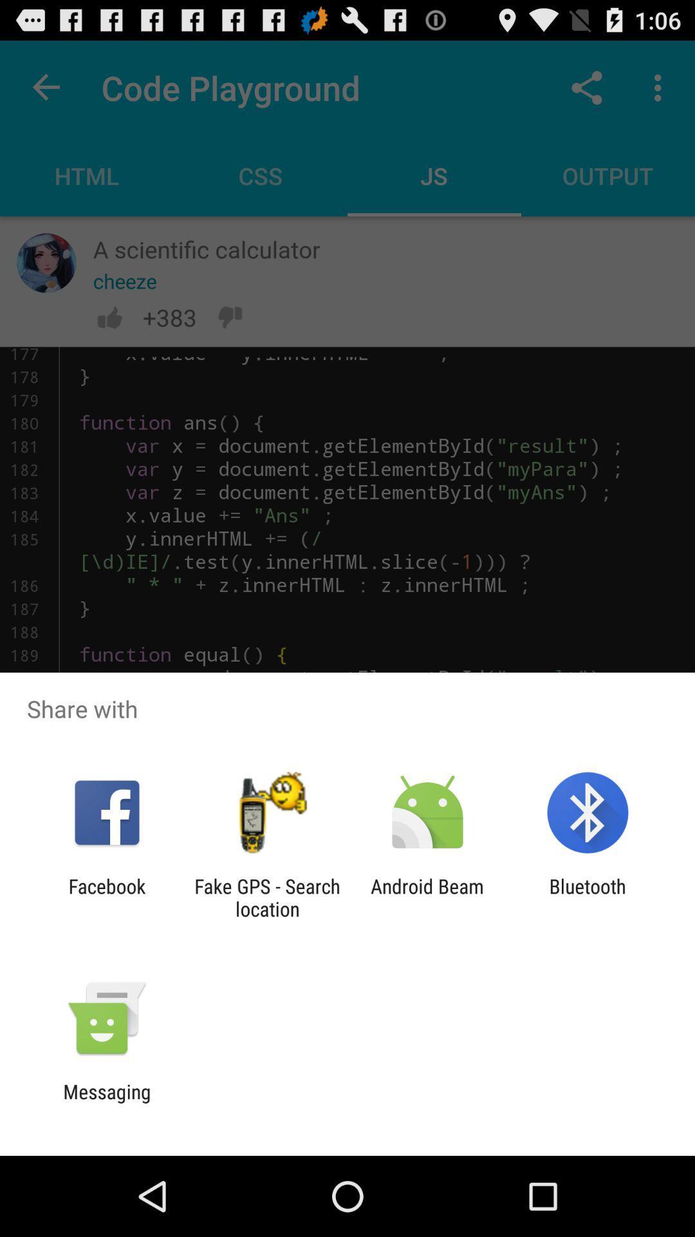  I want to click on the icon next to the facebook icon, so click(266, 897).